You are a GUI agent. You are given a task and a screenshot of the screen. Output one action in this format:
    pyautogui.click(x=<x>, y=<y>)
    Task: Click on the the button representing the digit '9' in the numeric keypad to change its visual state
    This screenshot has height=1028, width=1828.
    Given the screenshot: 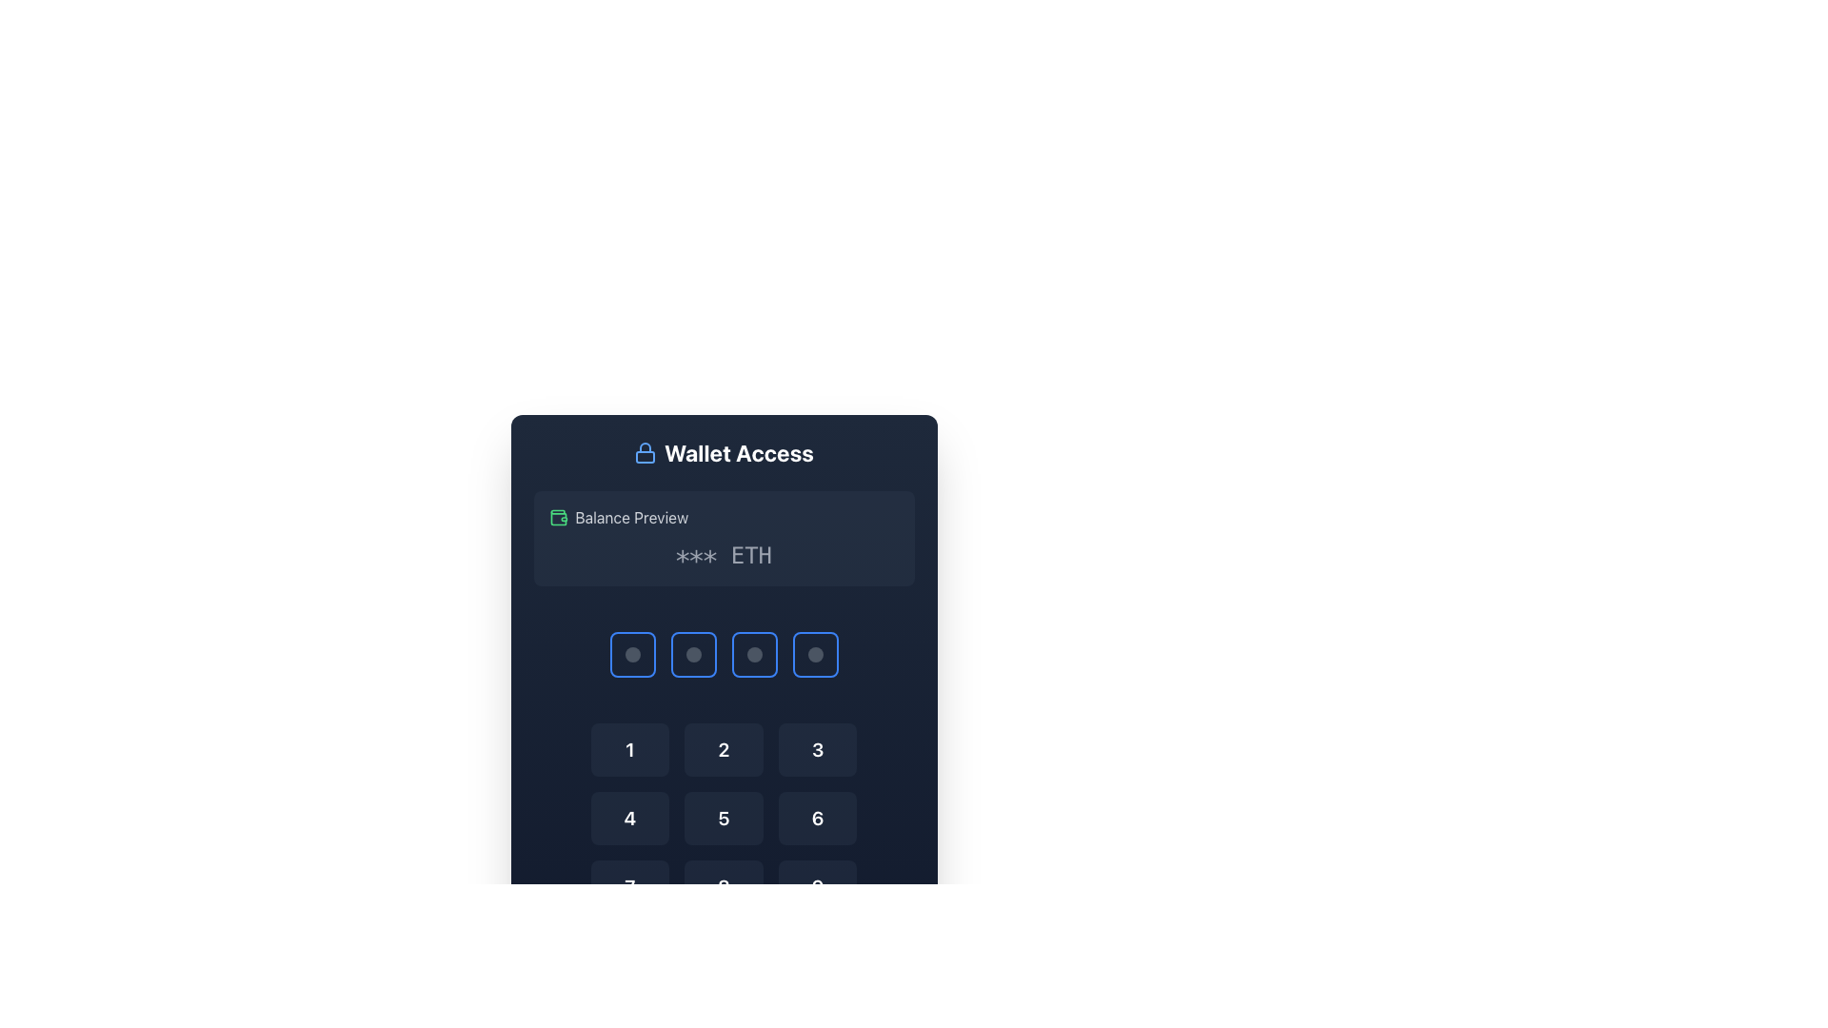 What is the action you would take?
    pyautogui.click(x=818, y=887)
    